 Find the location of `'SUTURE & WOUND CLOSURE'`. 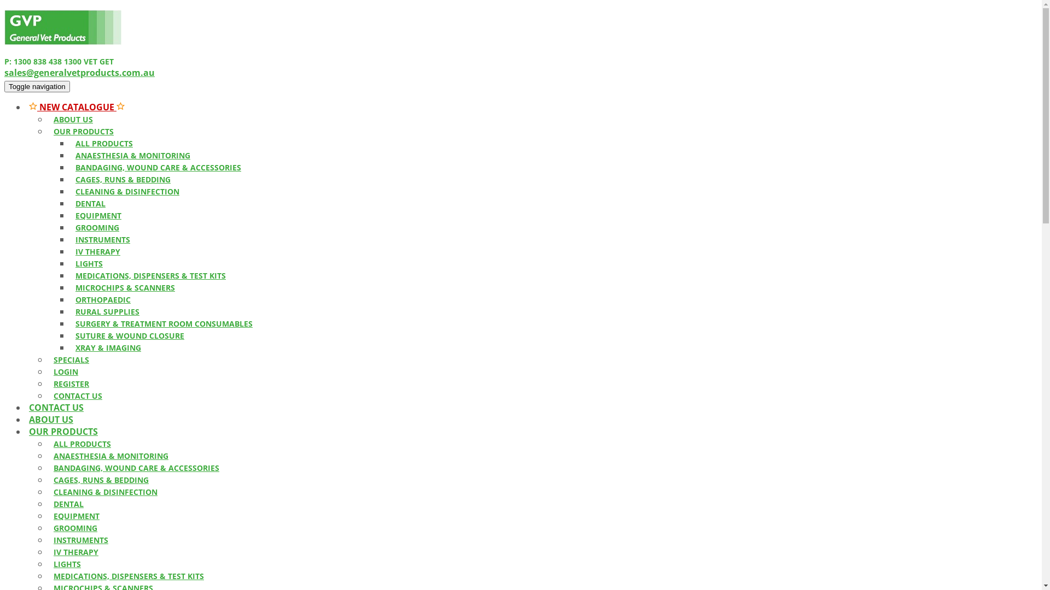

'SUTURE & WOUND CLOSURE' is located at coordinates (130, 335).